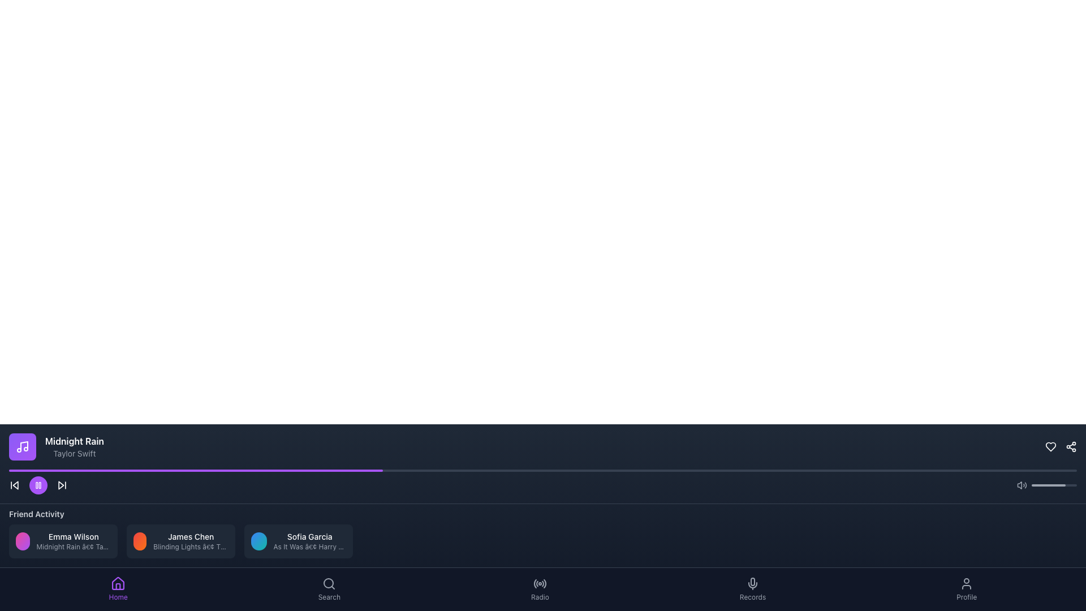 This screenshot has height=611, width=1086. What do you see at coordinates (191, 536) in the screenshot?
I see `the text label displaying 'James Chen' located in the central card of the 'Friend Activity' section, positioned above the subtitle 'Blinding Lights • The Weeknd.'` at bounding box center [191, 536].